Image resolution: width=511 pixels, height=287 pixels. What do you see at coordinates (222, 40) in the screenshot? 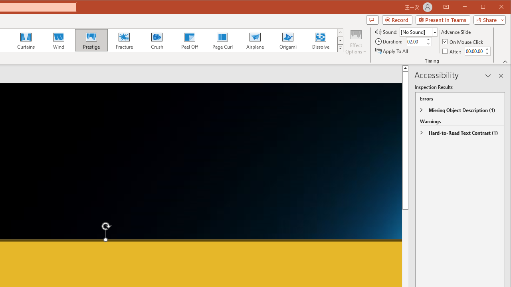
I see `'Page Curl'` at bounding box center [222, 40].